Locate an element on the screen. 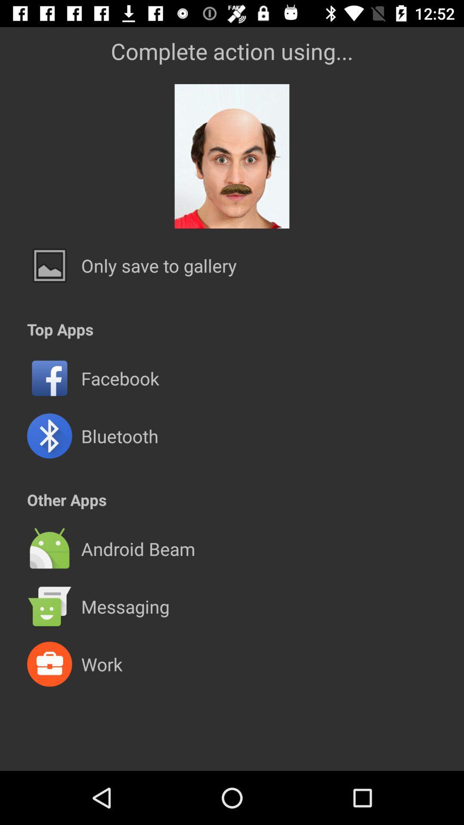 This screenshot has width=464, height=825. the item above the other apps icon is located at coordinates (119, 436).